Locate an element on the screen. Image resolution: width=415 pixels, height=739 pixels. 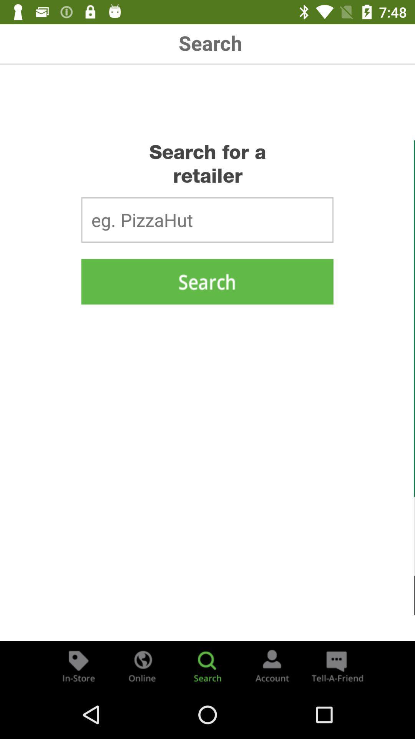
access internet is located at coordinates (143, 665).